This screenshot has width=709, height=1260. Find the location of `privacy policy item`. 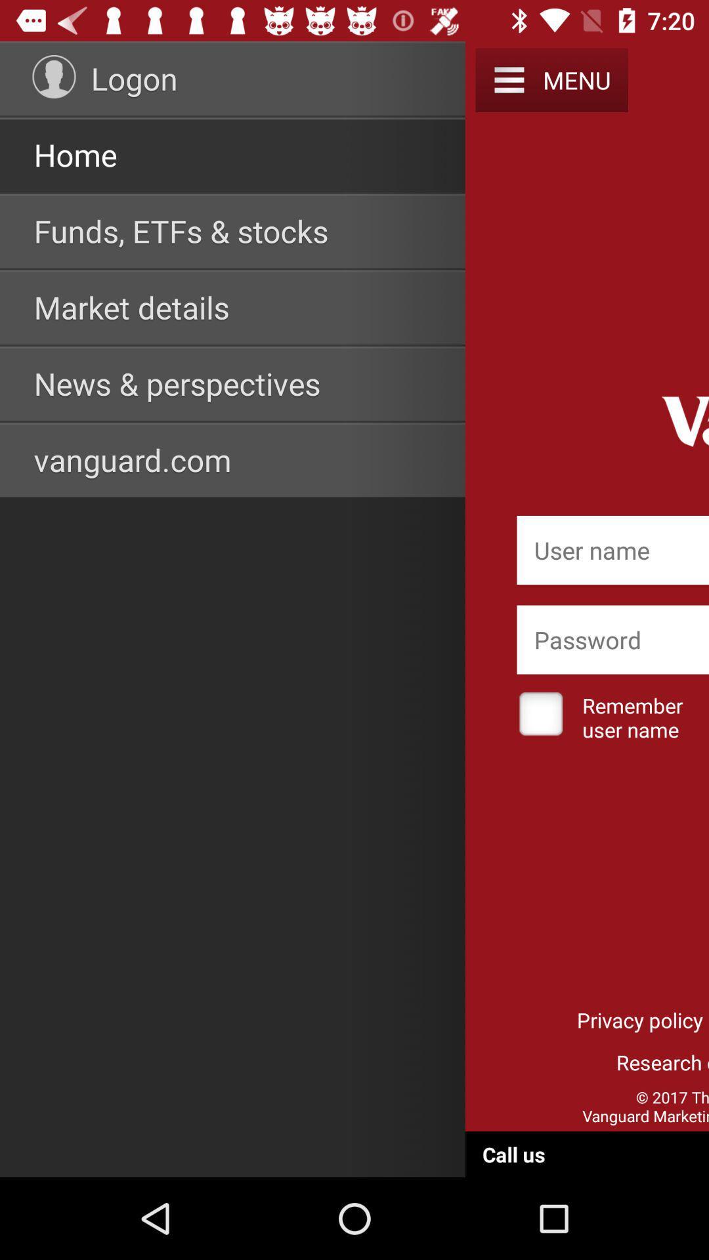

privacy policy item is located at coordinates (639, 1019).